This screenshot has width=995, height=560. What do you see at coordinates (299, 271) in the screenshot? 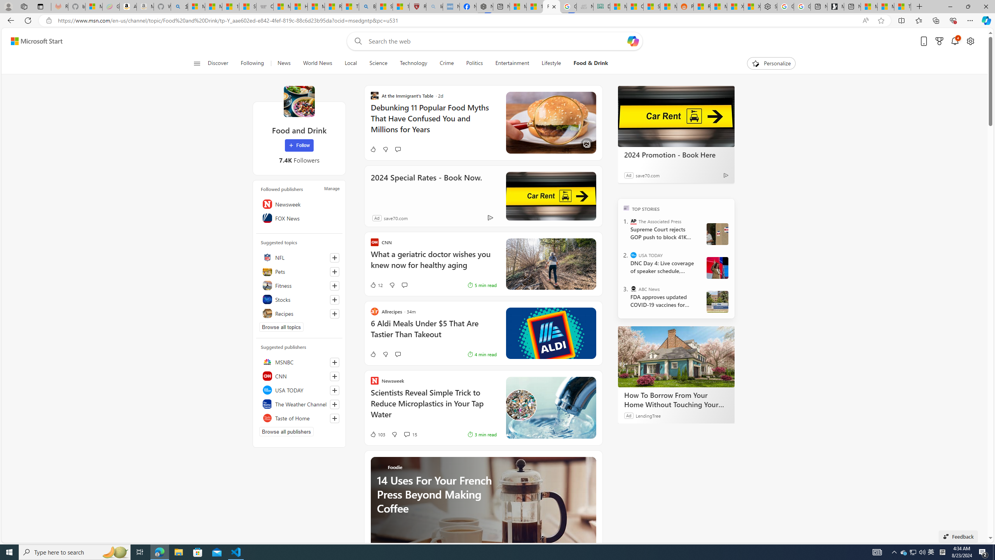
I see `'Pets'` at bounding box center [299, 271].